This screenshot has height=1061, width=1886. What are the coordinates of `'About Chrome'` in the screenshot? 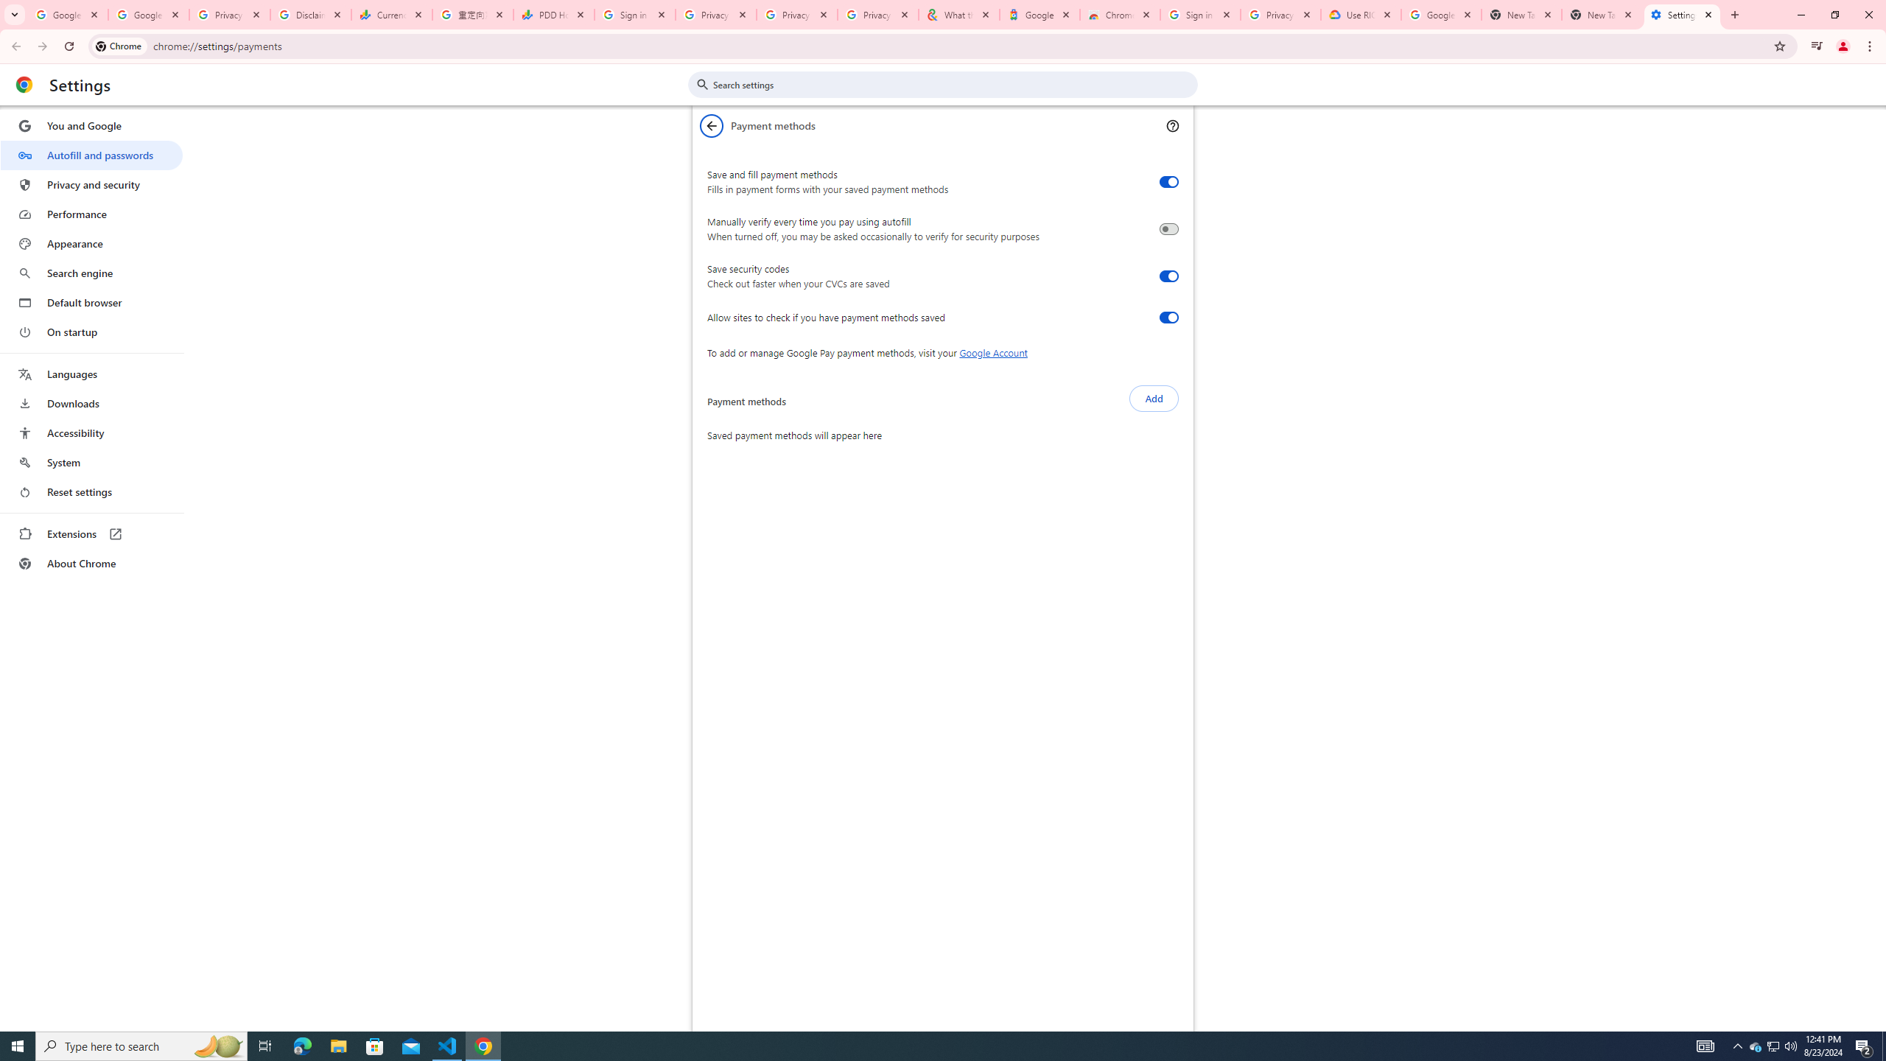 It's located at (91, 562).